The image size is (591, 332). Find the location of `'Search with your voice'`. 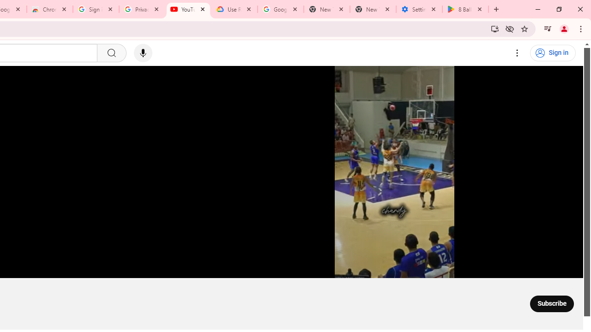

'Search with your voice' is located at coordinates (142, 53).